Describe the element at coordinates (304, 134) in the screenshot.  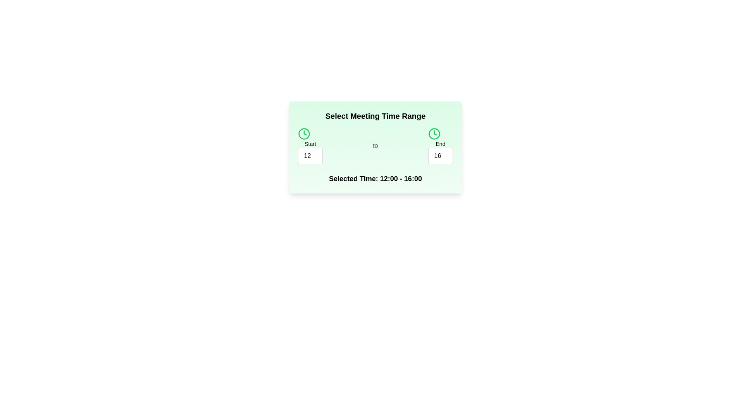
I see `the clock icon labeled start` at that location.